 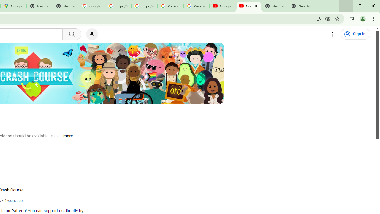 What do you see at coordinates (346, 6) in the screenshot?
I see `'Minimize'` at bounding box center [346, 6].